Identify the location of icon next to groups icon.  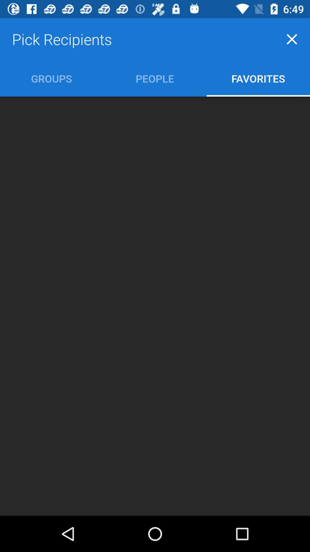
(154, 78).